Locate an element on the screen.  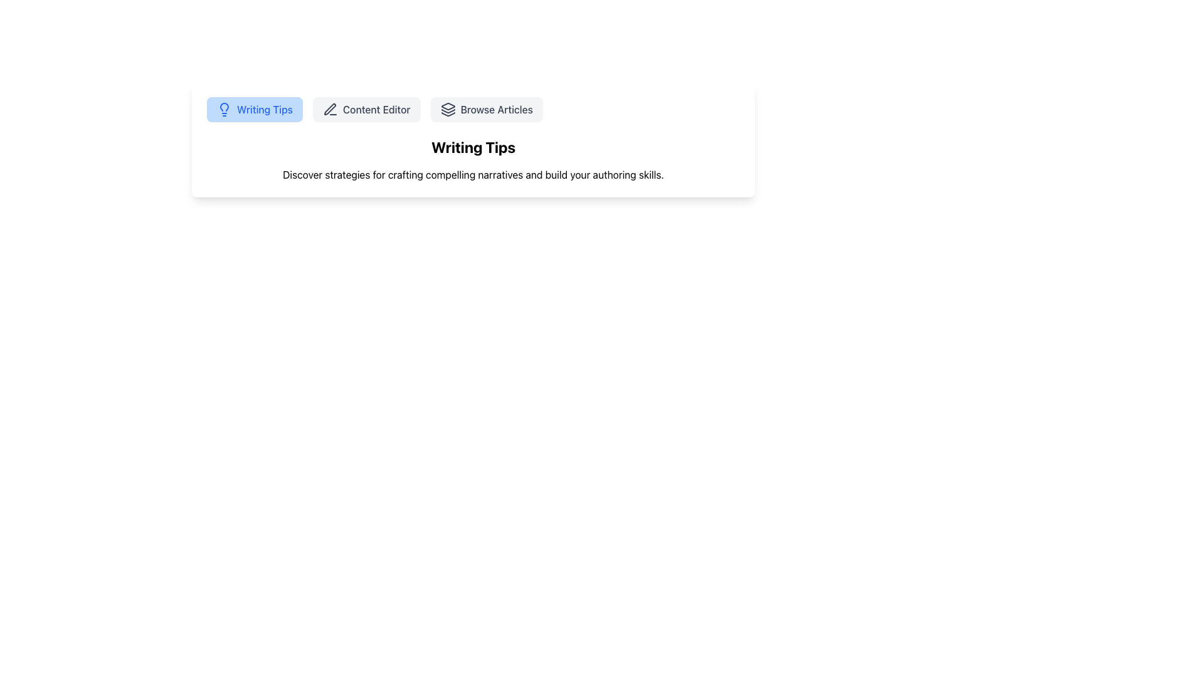
the Navigation Menu Group is located at coordinates (472, 108).